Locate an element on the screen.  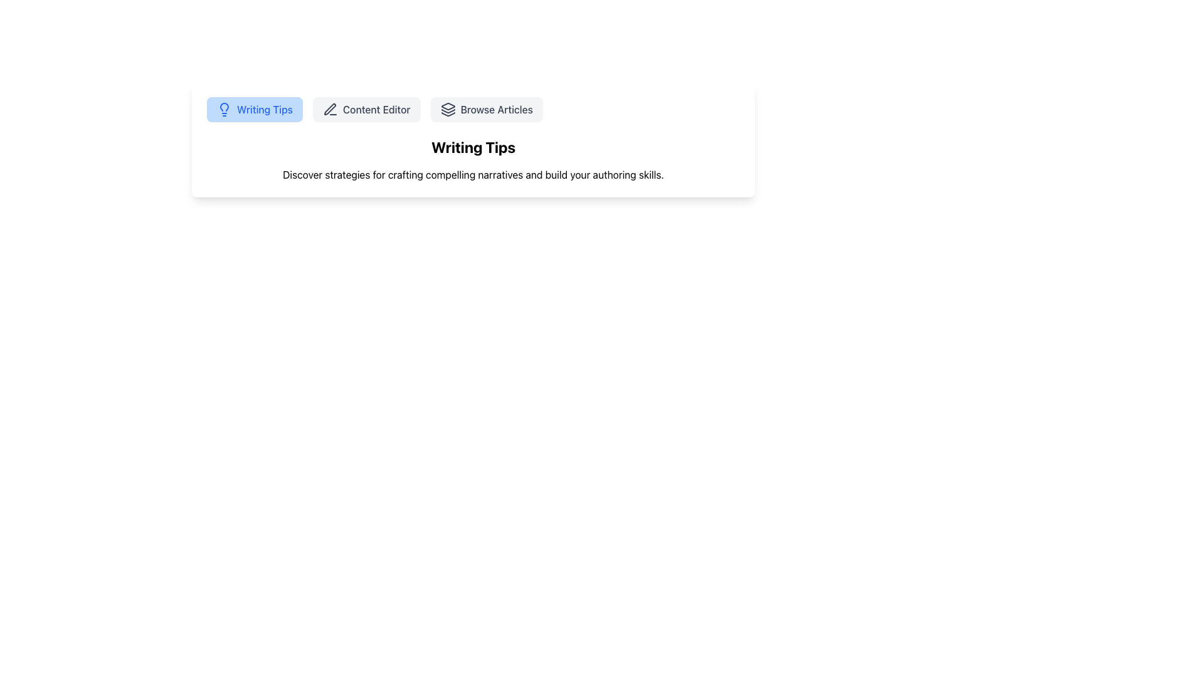
the Navigation Menu Group is located at coordinates (472, 108).